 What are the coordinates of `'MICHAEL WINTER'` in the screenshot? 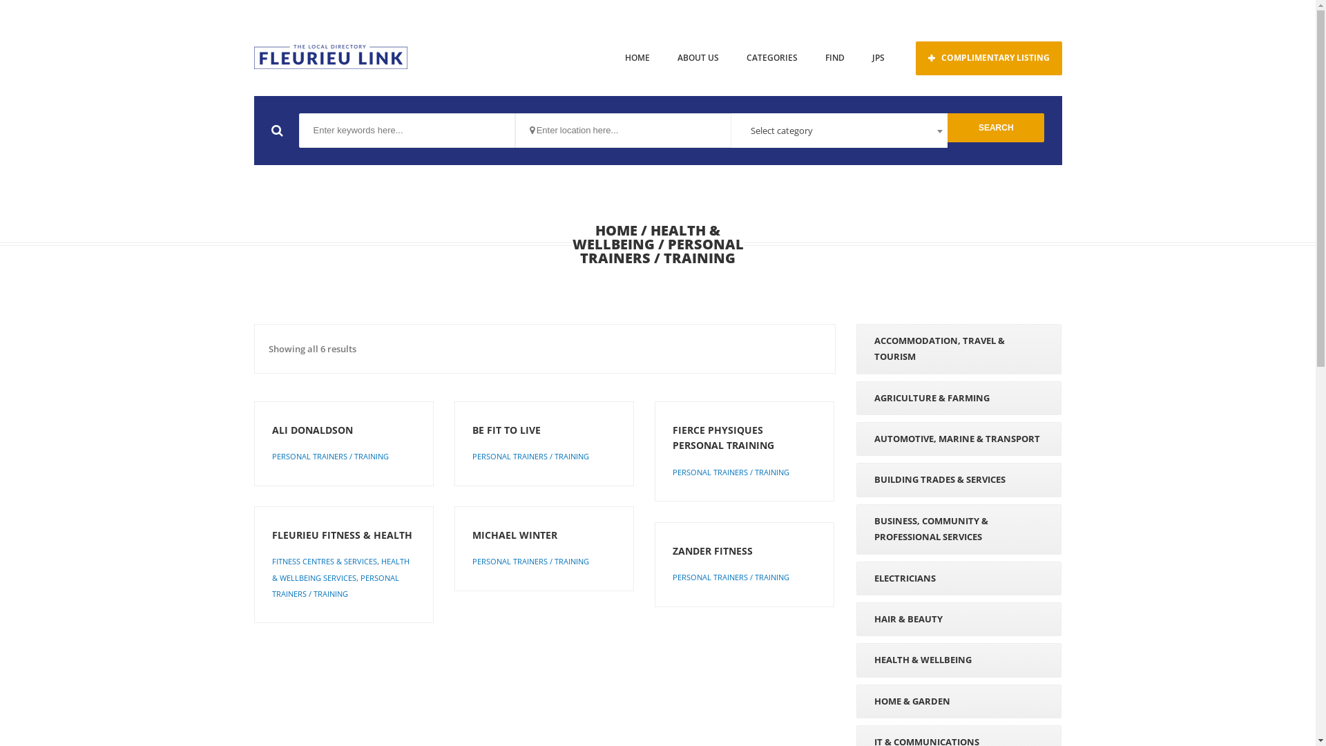 It's located at (472, 535).